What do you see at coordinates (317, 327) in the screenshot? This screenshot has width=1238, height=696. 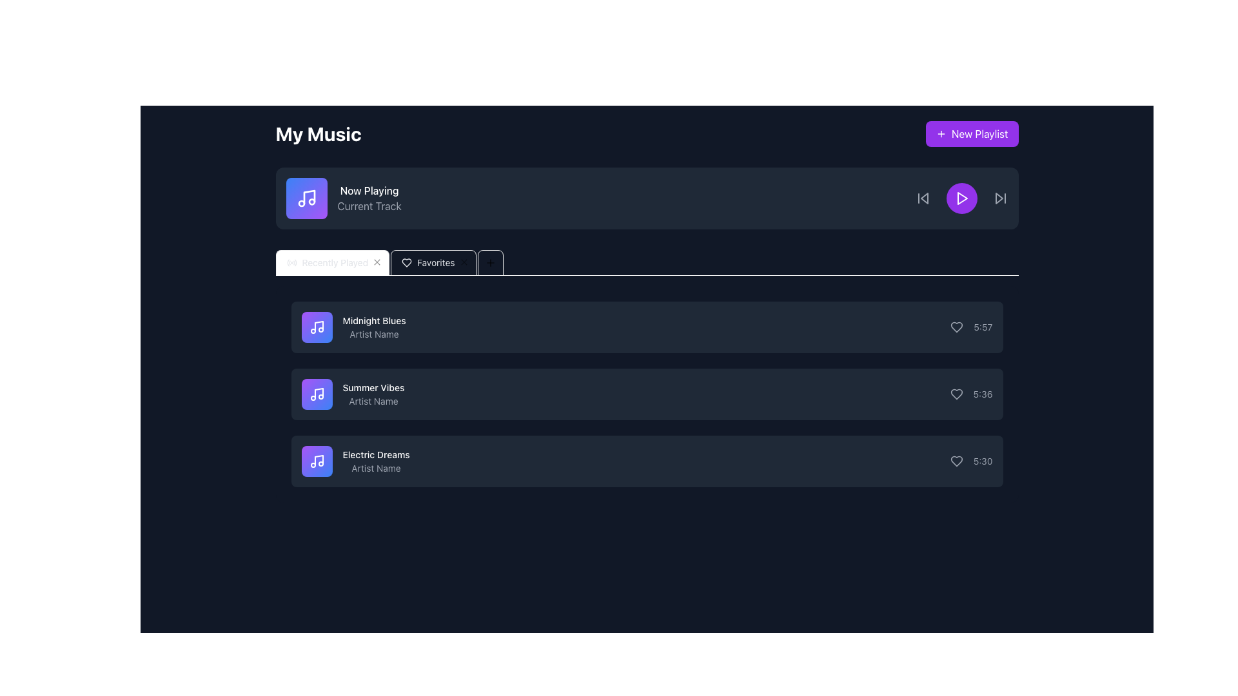 I see `the rounded square icon filled with a gradient from purple to blue, which contains a white musical note graphic` at bounding box center [317, 327].